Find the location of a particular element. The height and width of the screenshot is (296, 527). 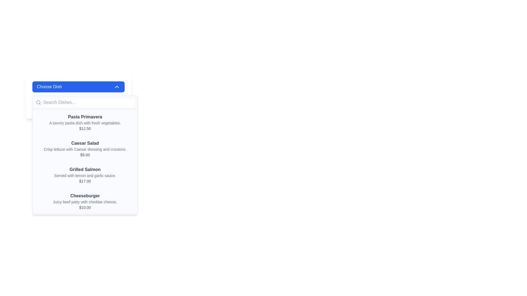

the content of the Text label describing the menu item 'Cheeseburger', located within the 'Cheeseburger' menu card, positioned below the title and above the price is located at coordinates (85, 202).